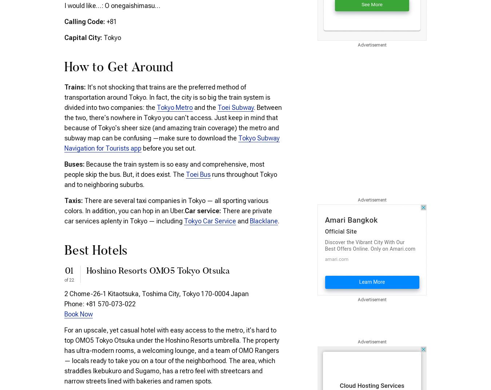 The image size is (491, 390). Describe the element at coordinates (64, 355) in the screenshot. I see `'For an upscale, yet casual hotel with easy access to the metro, it's hard to top OMO5 Tokyo Otsuka under the Hoshino Resorts umbrella. The property has ultra-modern rooms, a welcoming lounge, and a team of OMO Rangers — locals ready to take you on a tour of the neighborhood. The area, which straddles Ikebukuro and Sugamo, has a retro feel with streetcars and narrow streets lined with bakeries and ramen spots.'` at that location.